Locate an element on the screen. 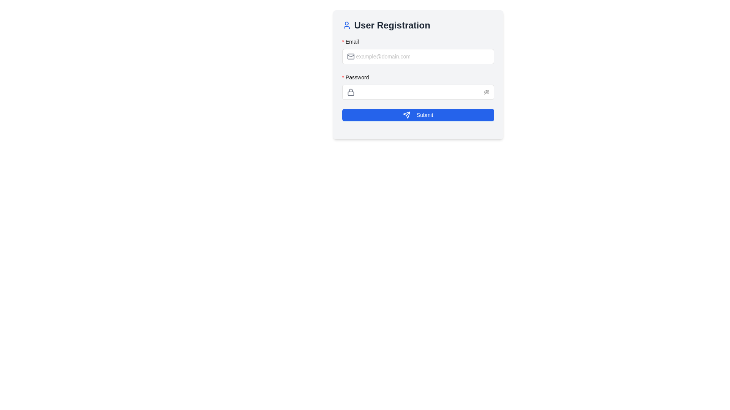 The width and height of the screenshot is (730, 410). the Password input field to focus on it, which is the second input field in the vertical form layout, positioned below the 'Email' input field and above the 'Submit' button is located at coordinates (417, 86).